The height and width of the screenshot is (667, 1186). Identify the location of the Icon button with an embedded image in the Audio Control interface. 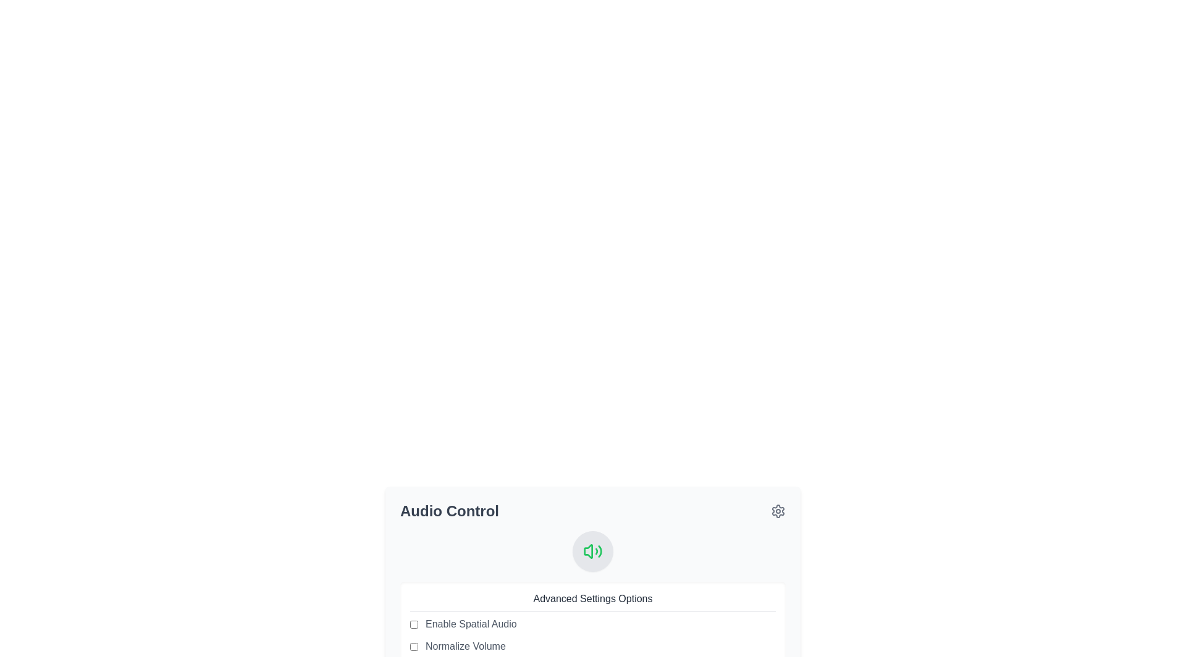
(593, 551).